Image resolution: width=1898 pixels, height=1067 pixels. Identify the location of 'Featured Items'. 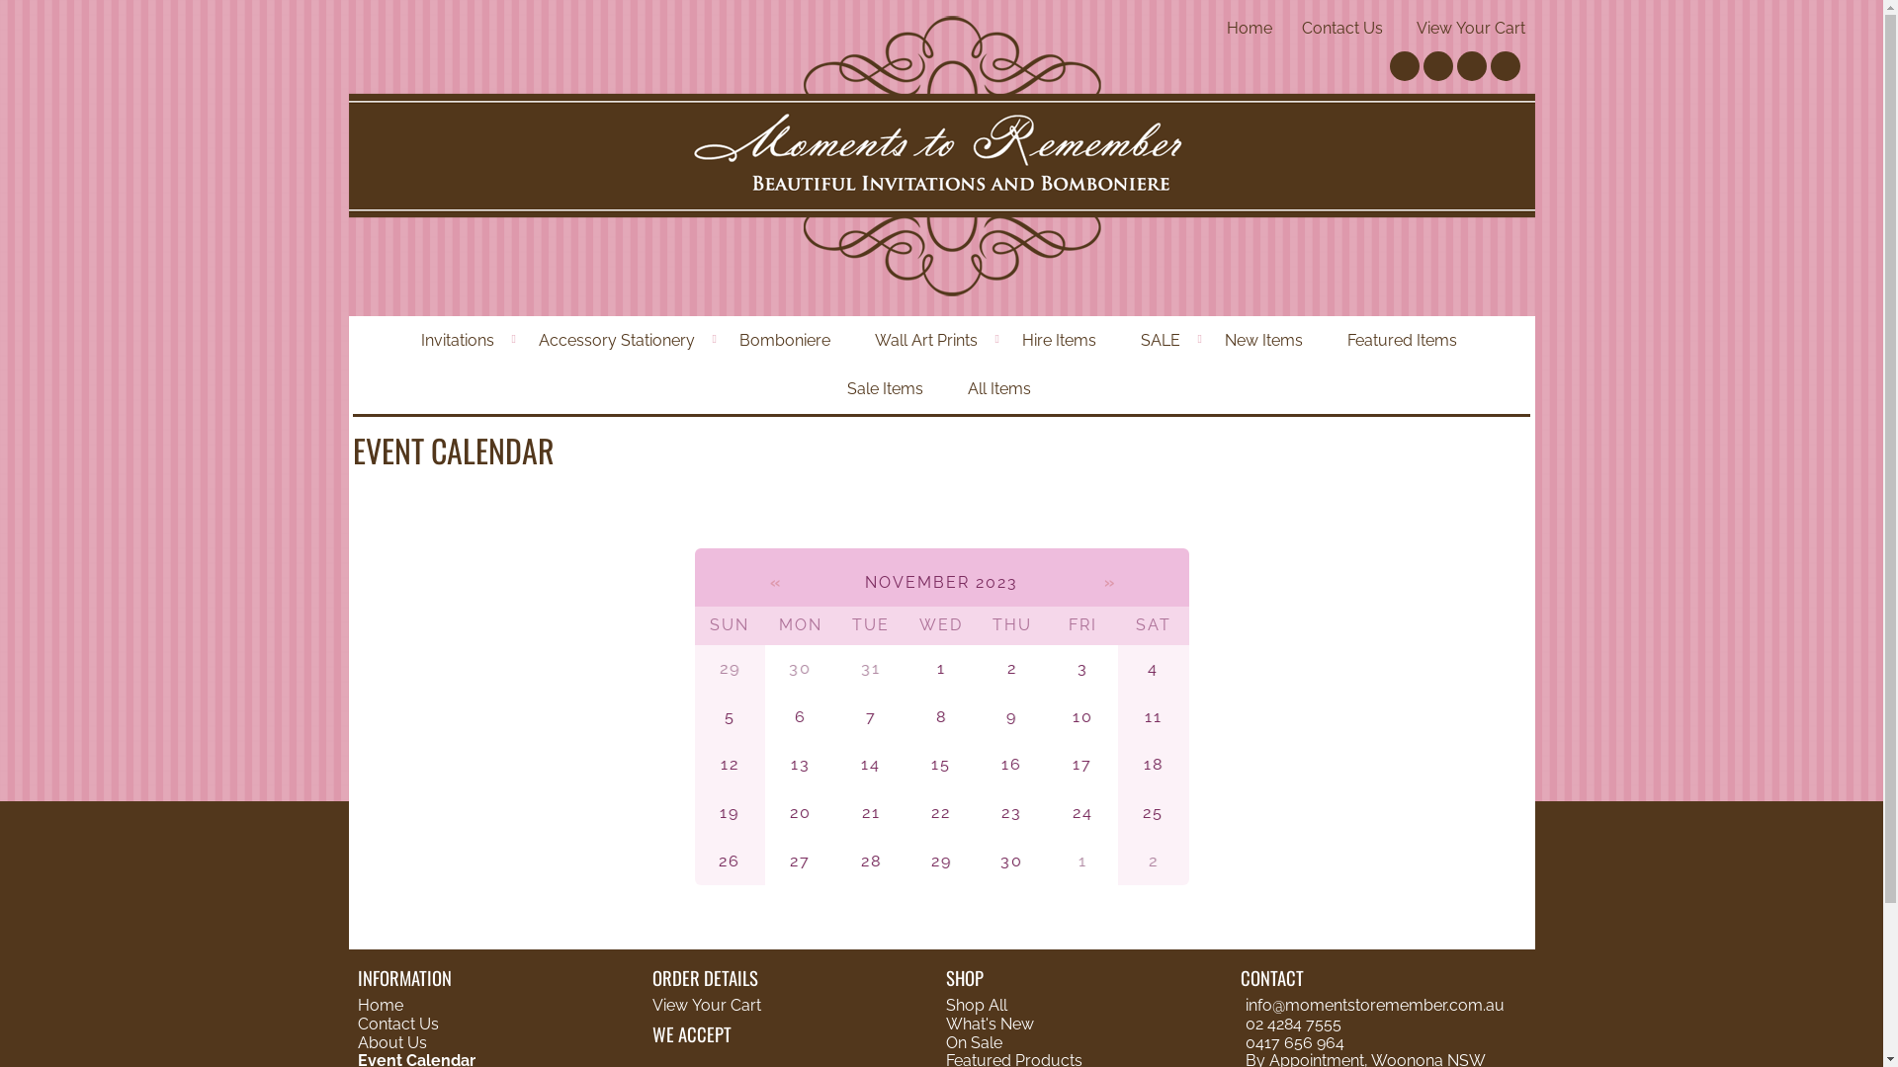
(1328, 340).